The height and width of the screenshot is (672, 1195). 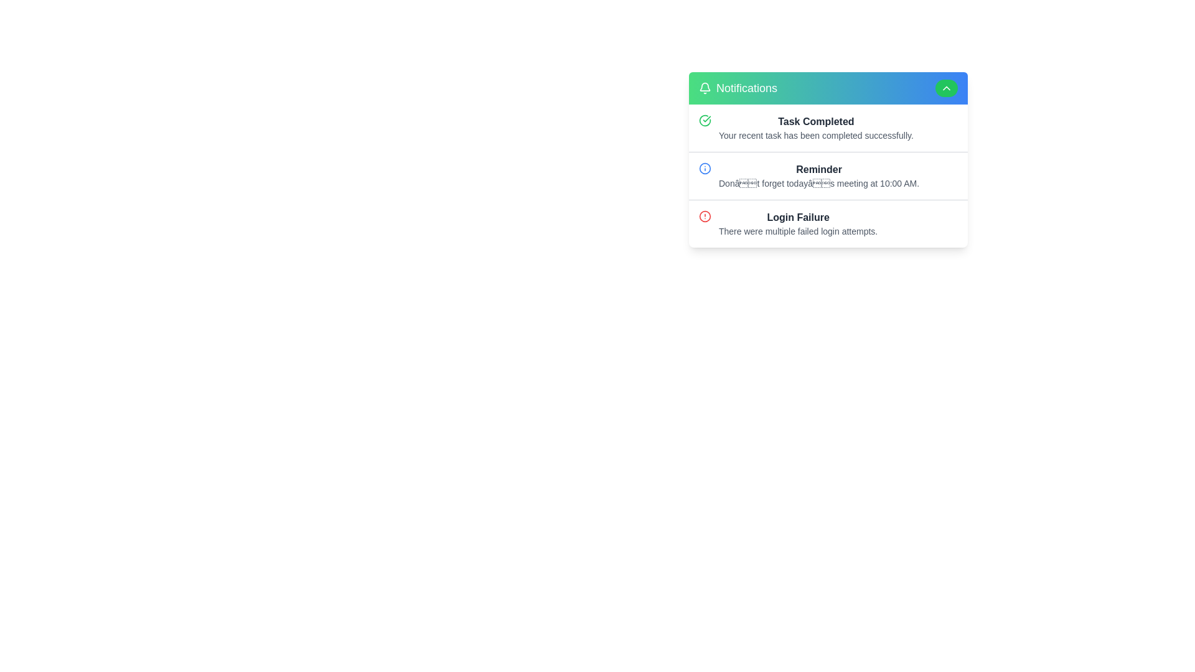 I want to click on the bold text stating 'Task Completed' located at the top of the notification card in the notification panel, so click(x=816, y=122).